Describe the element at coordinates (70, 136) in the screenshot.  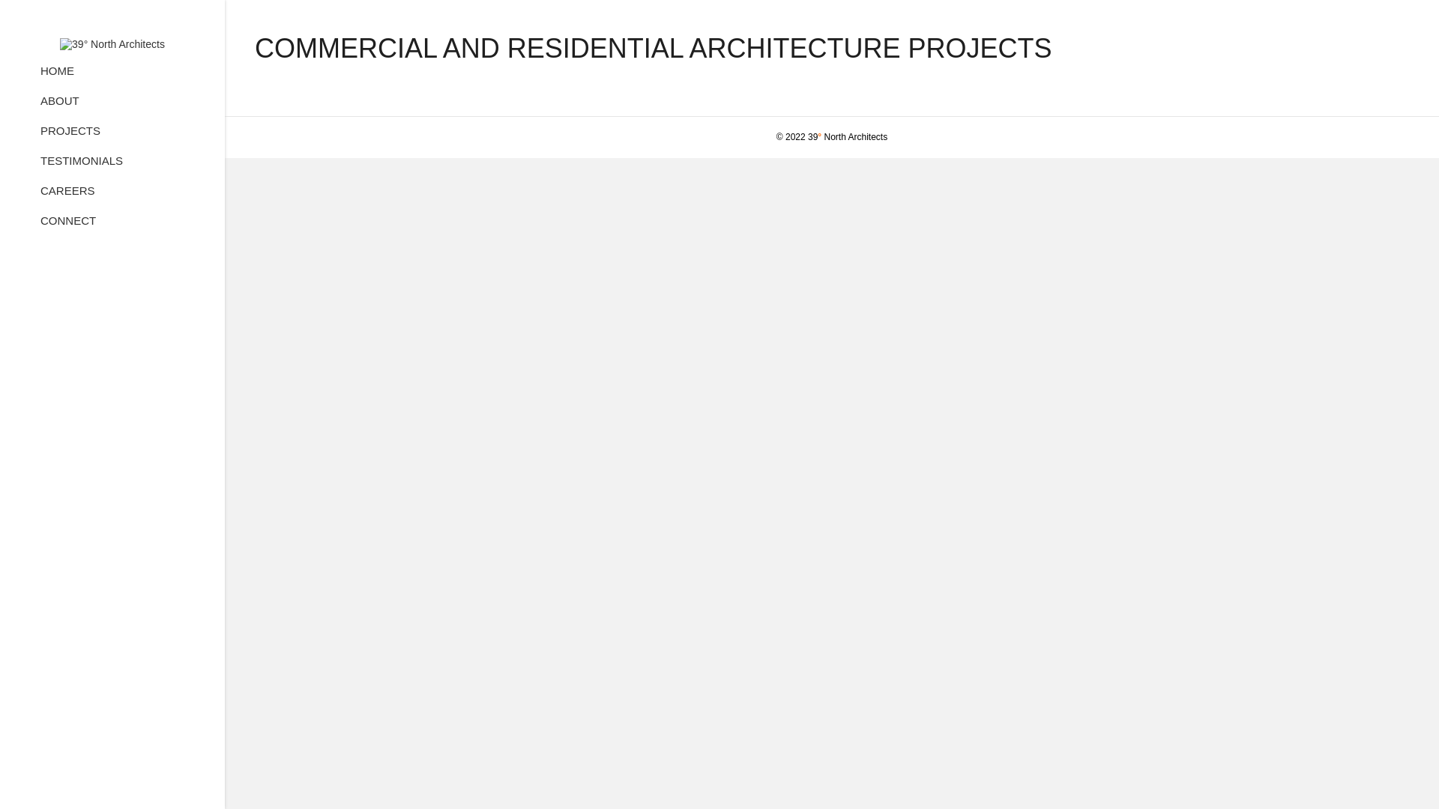
I see `'PROJECTS'` at that location.